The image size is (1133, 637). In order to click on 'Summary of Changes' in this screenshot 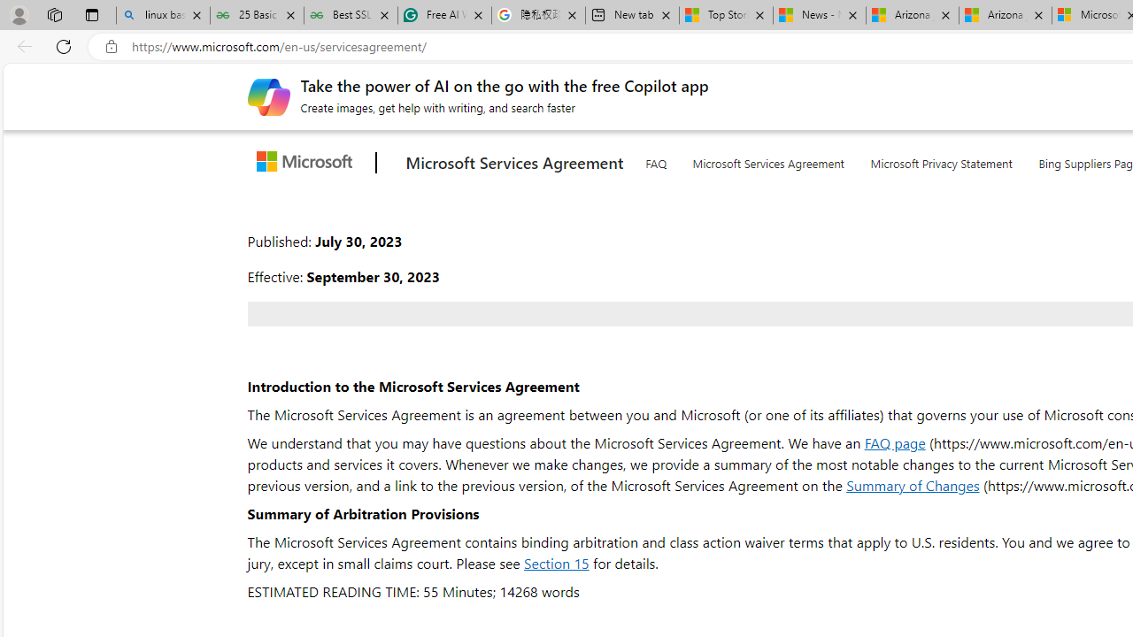, I will do `click(913, 485)`.